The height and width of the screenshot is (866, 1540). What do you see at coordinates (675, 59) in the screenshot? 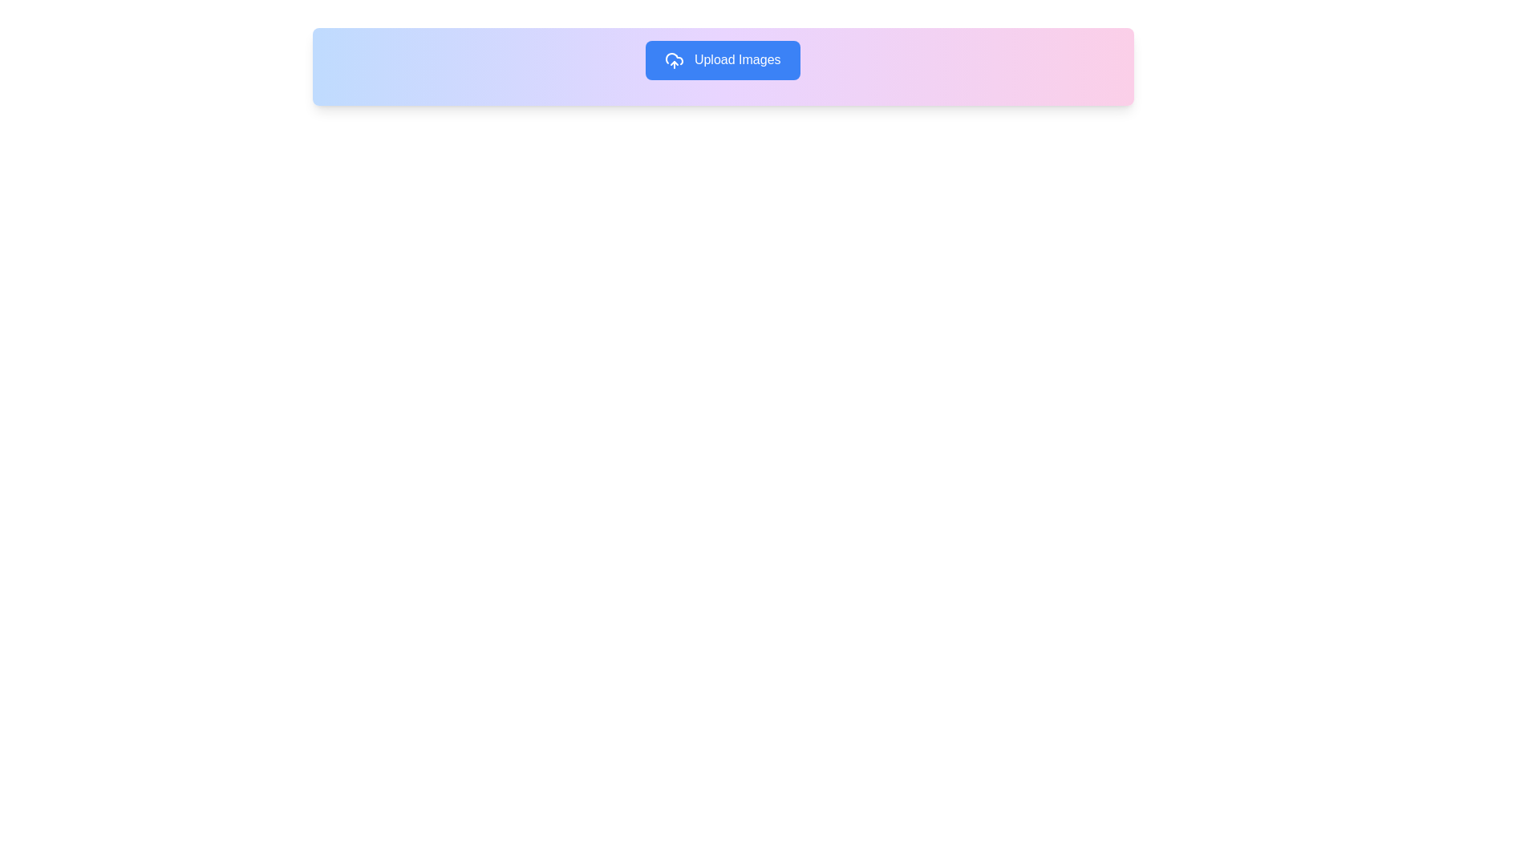
I see `the upload icon located on the left side of the 'Upload Images' button, which signifies the upload action` at bounding box center [675, 59].